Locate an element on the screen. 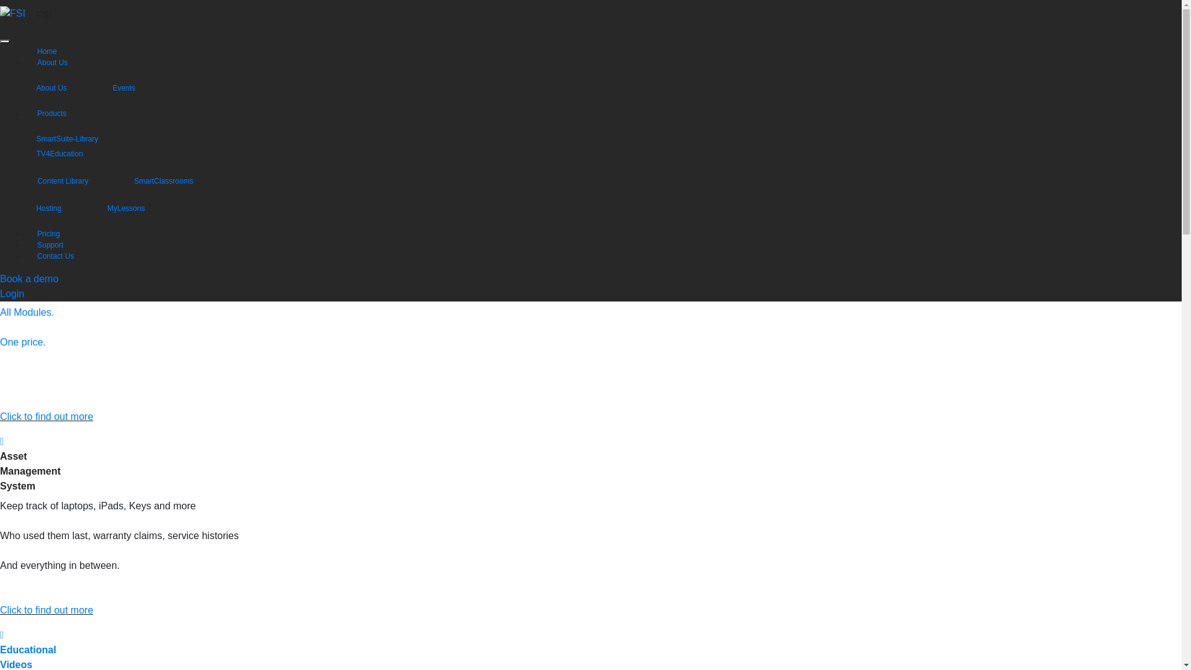 This screenshot has height=670, width=1191. 'Contact Us' is located at coordinates (55, 255).